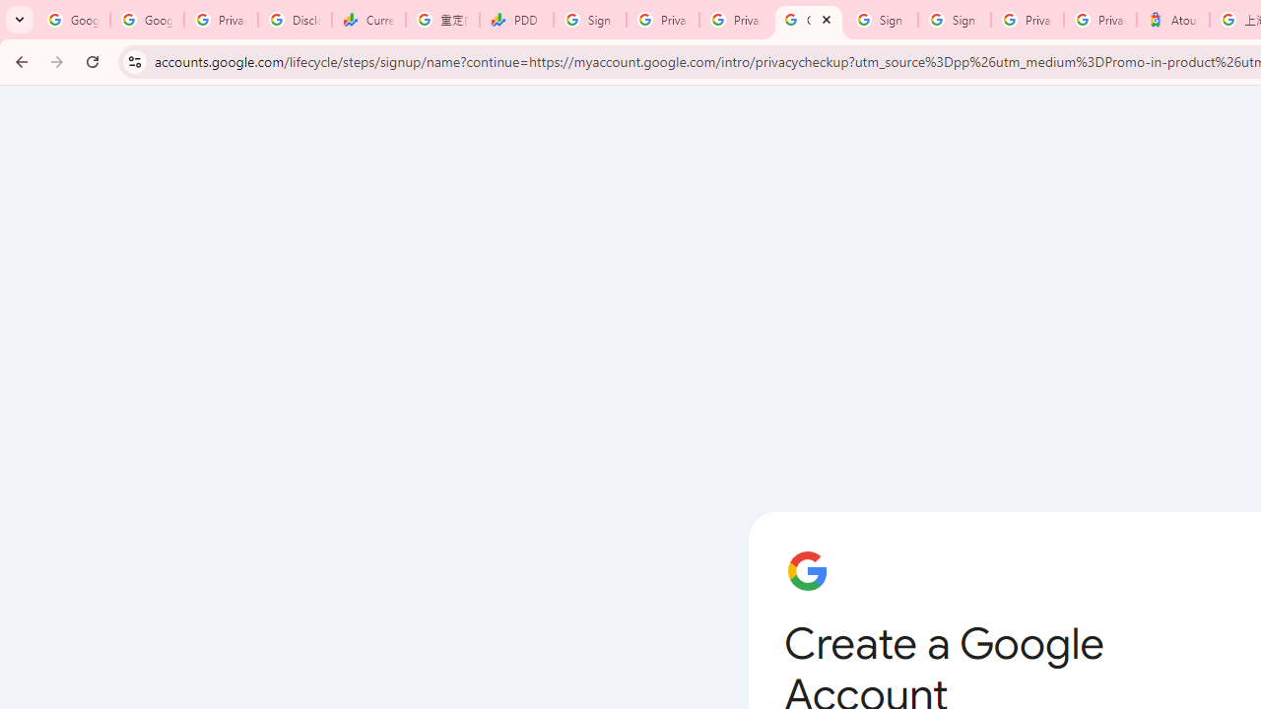  What do you see at coordinates (589, 20) in the screenshot?
I see `'Sign in - Google Accounts'` at bounding box center [589, 20].